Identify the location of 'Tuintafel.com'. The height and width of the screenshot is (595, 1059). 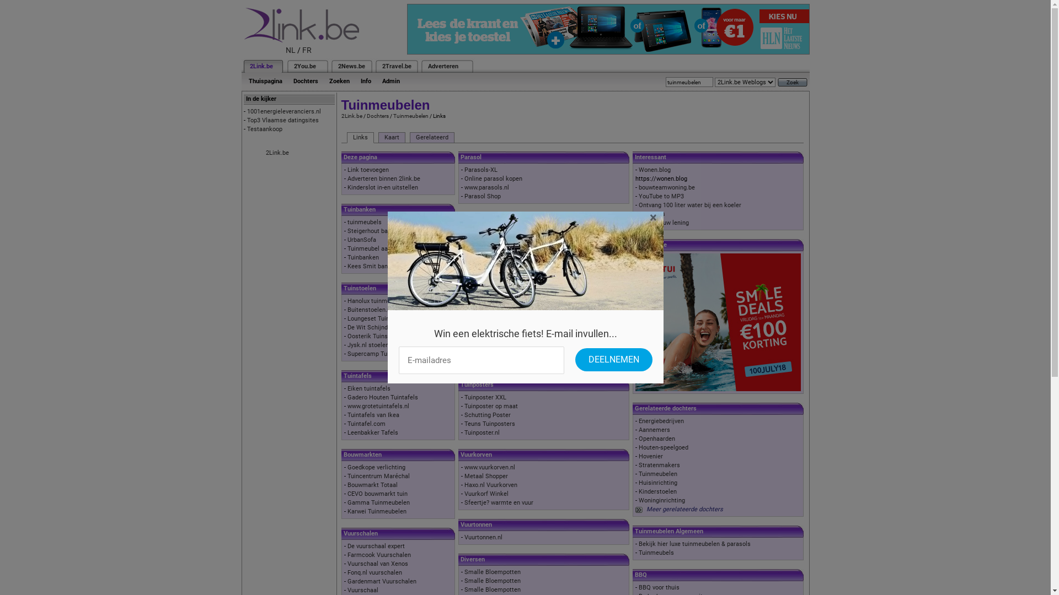
(366, 423).